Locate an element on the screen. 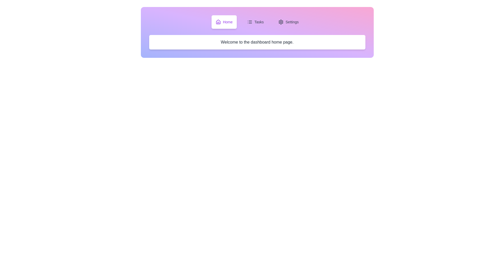 This screenshot has height=280, width=499. the Tasks tab in the DashboardTabs component is located at coordinates (255, 22).